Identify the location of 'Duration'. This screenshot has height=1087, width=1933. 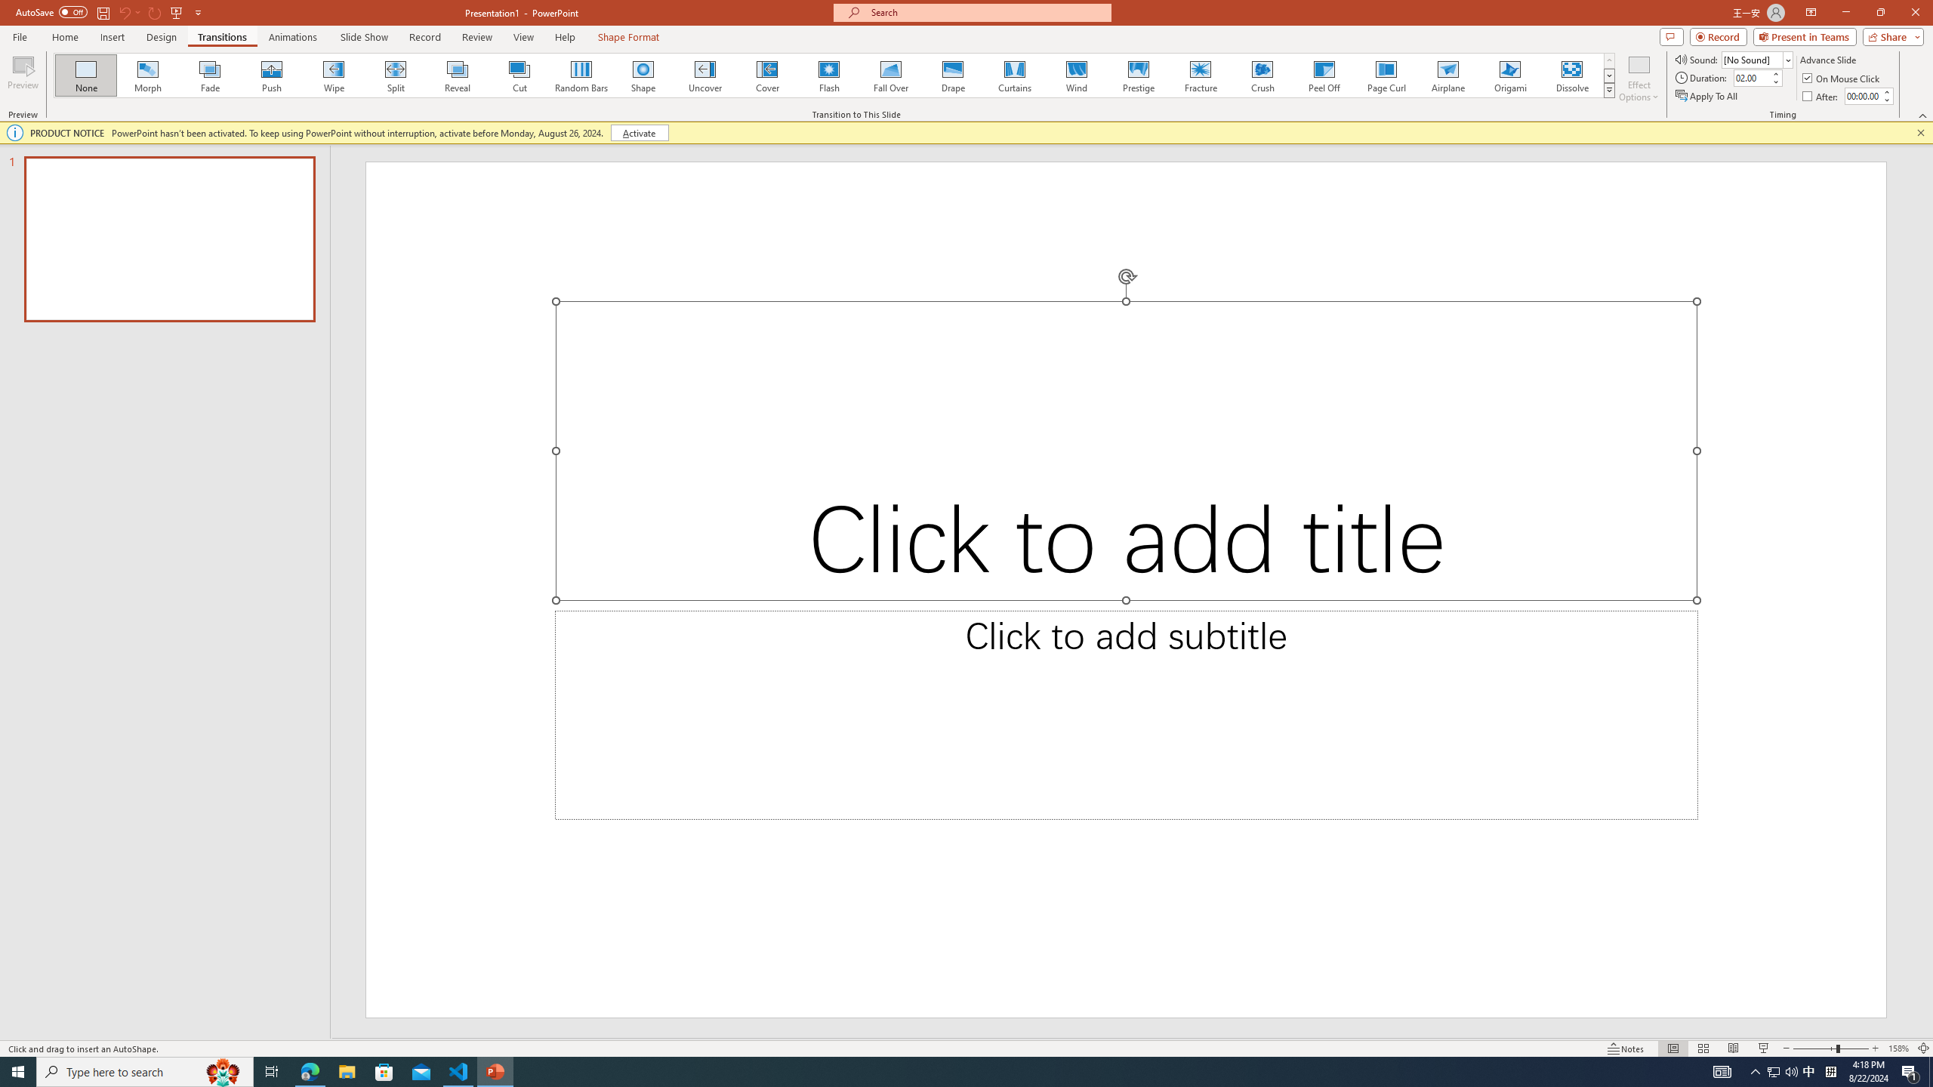
(1751, 77).